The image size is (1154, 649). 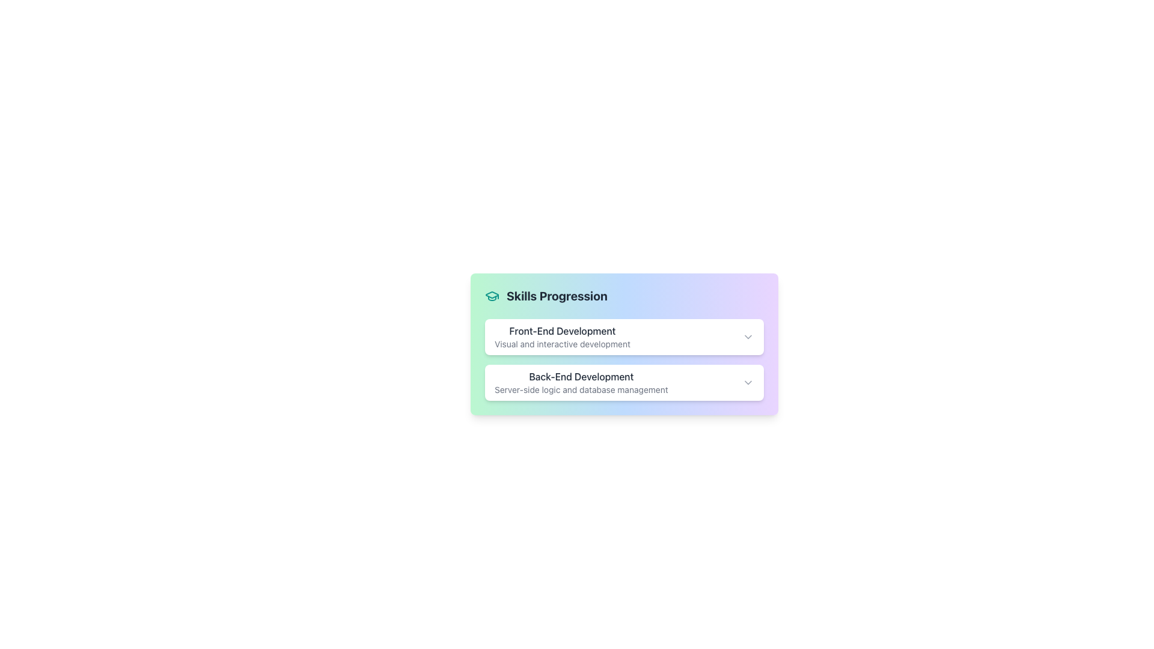 What do you see at coordinates (492, 296) in the screenshot?
I see `the graduation cap icon, which is teal colored and styled as a silhouette, located to the left of the text 'Skills Progression'` at bounding box center [492, 296].